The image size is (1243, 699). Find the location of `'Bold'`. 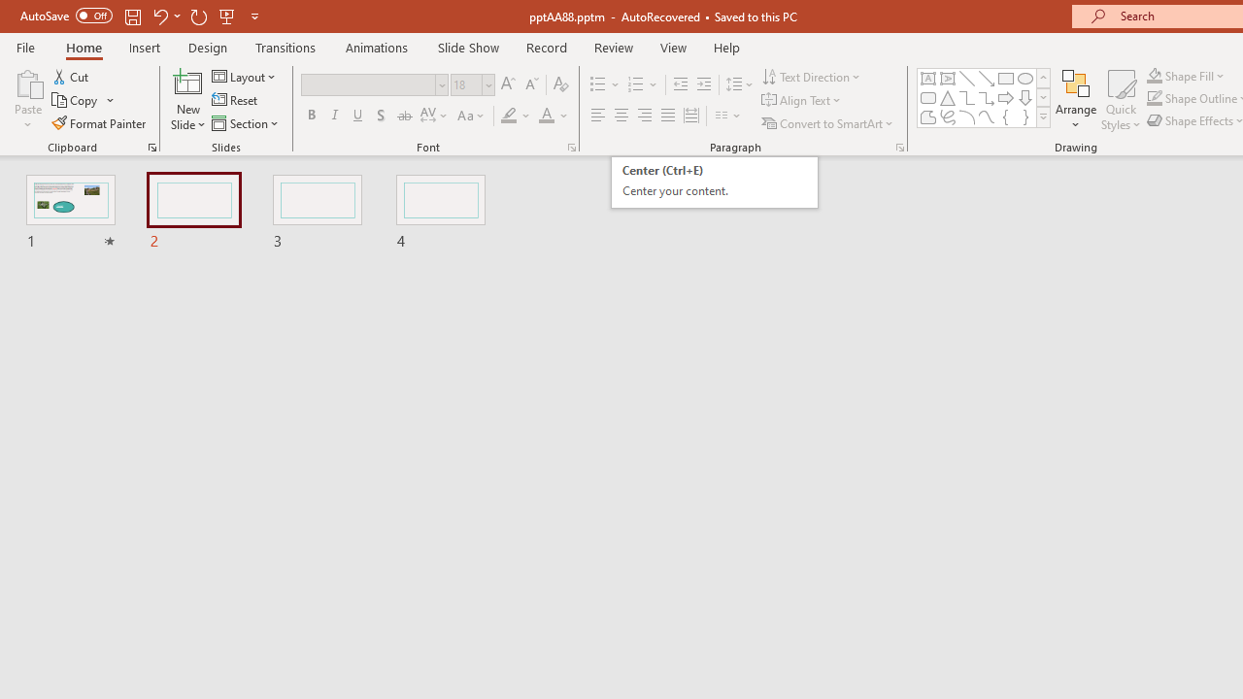

'Bold' is located at coordinates (311, 116).